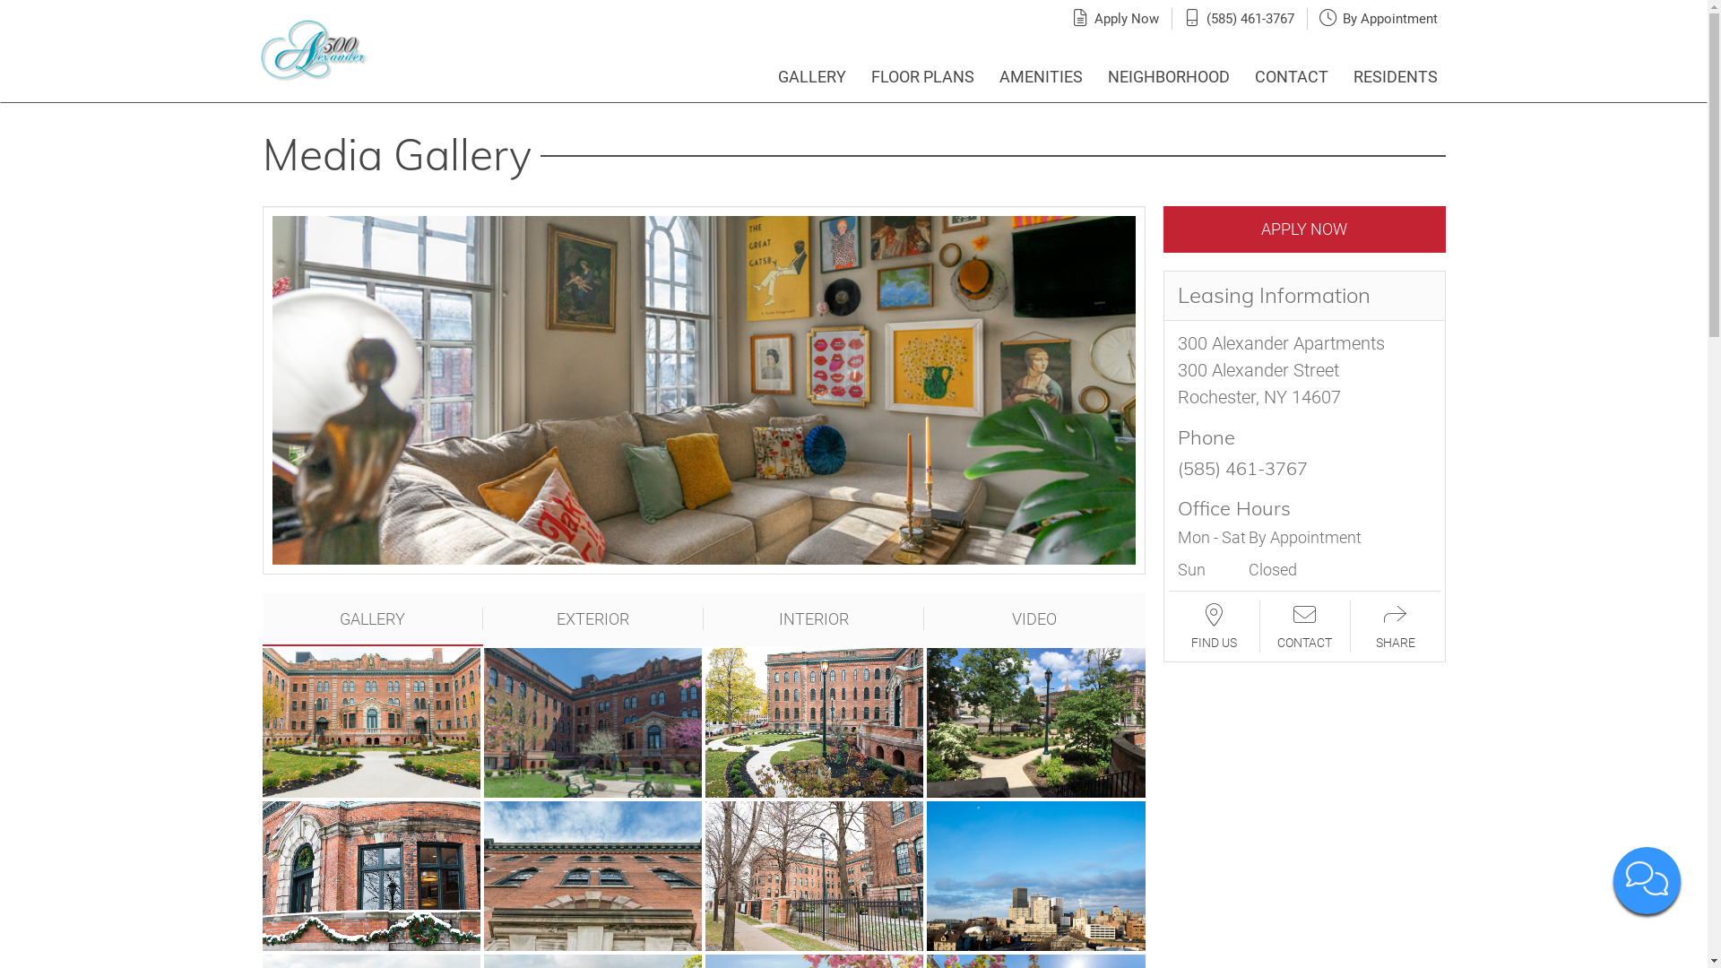 The height and width of the screenshot is (968, 1721). I want to click on 'SHARE', so click(1393, 626).